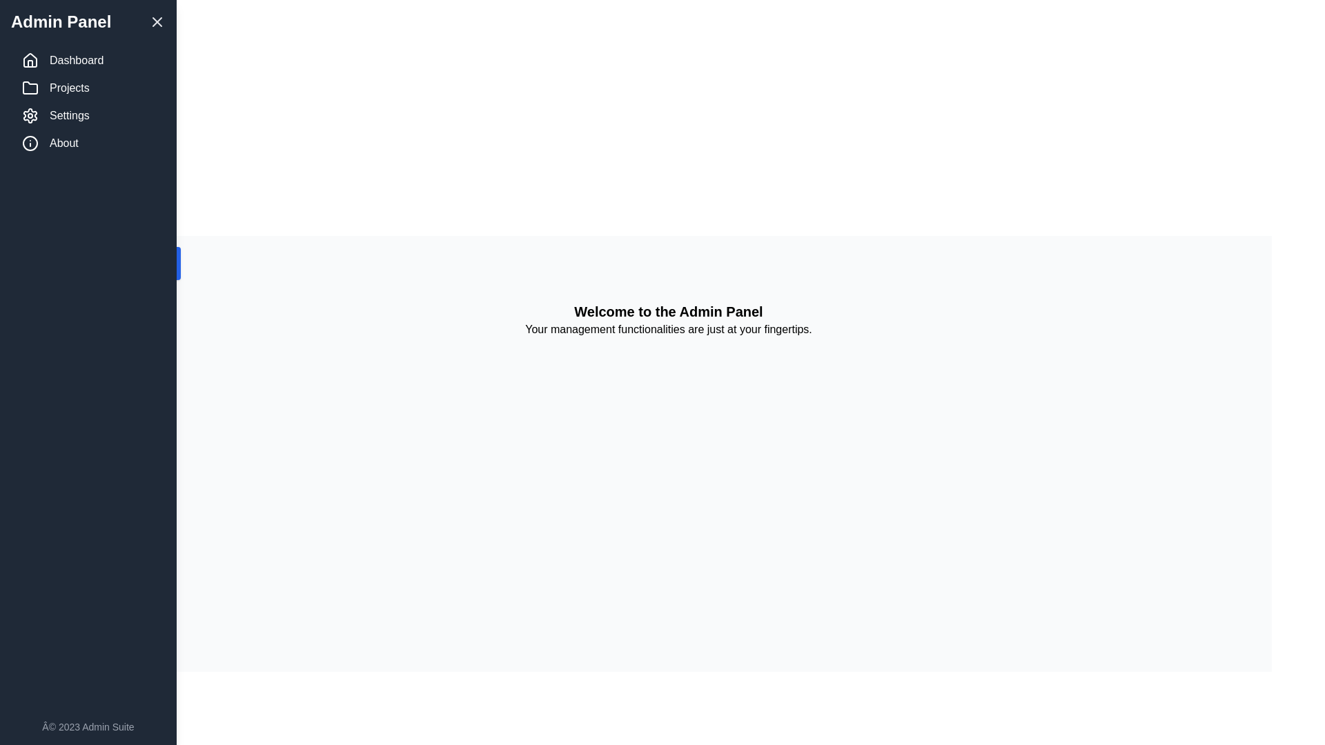 This screenshot has width=1325, height=745. What do you see at coordinates (88, 21) in the screenshot?
I see `the 'Admin Panel' header which includes a close button at the top of the side navigation panel` at bounding box center [88, 21].